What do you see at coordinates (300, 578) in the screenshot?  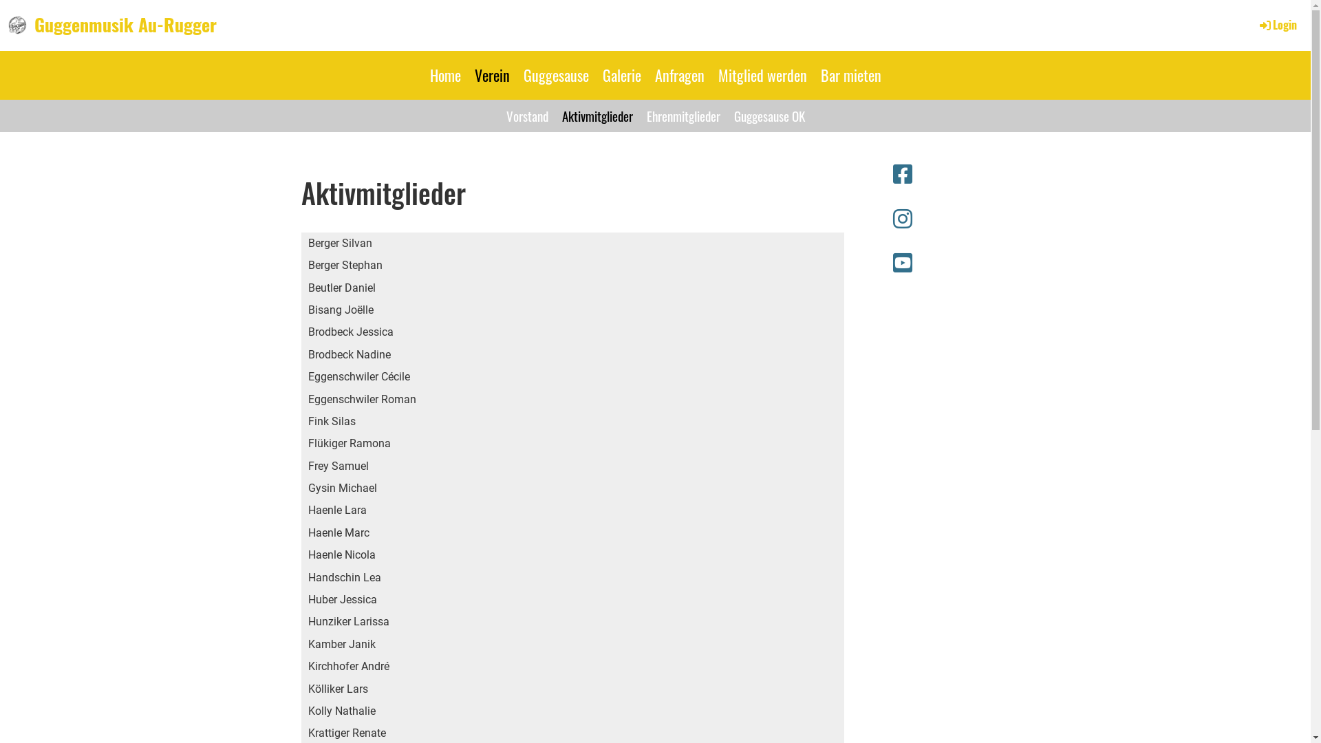 I see `'Handschin Lea'` at bounding box center [300, 578].